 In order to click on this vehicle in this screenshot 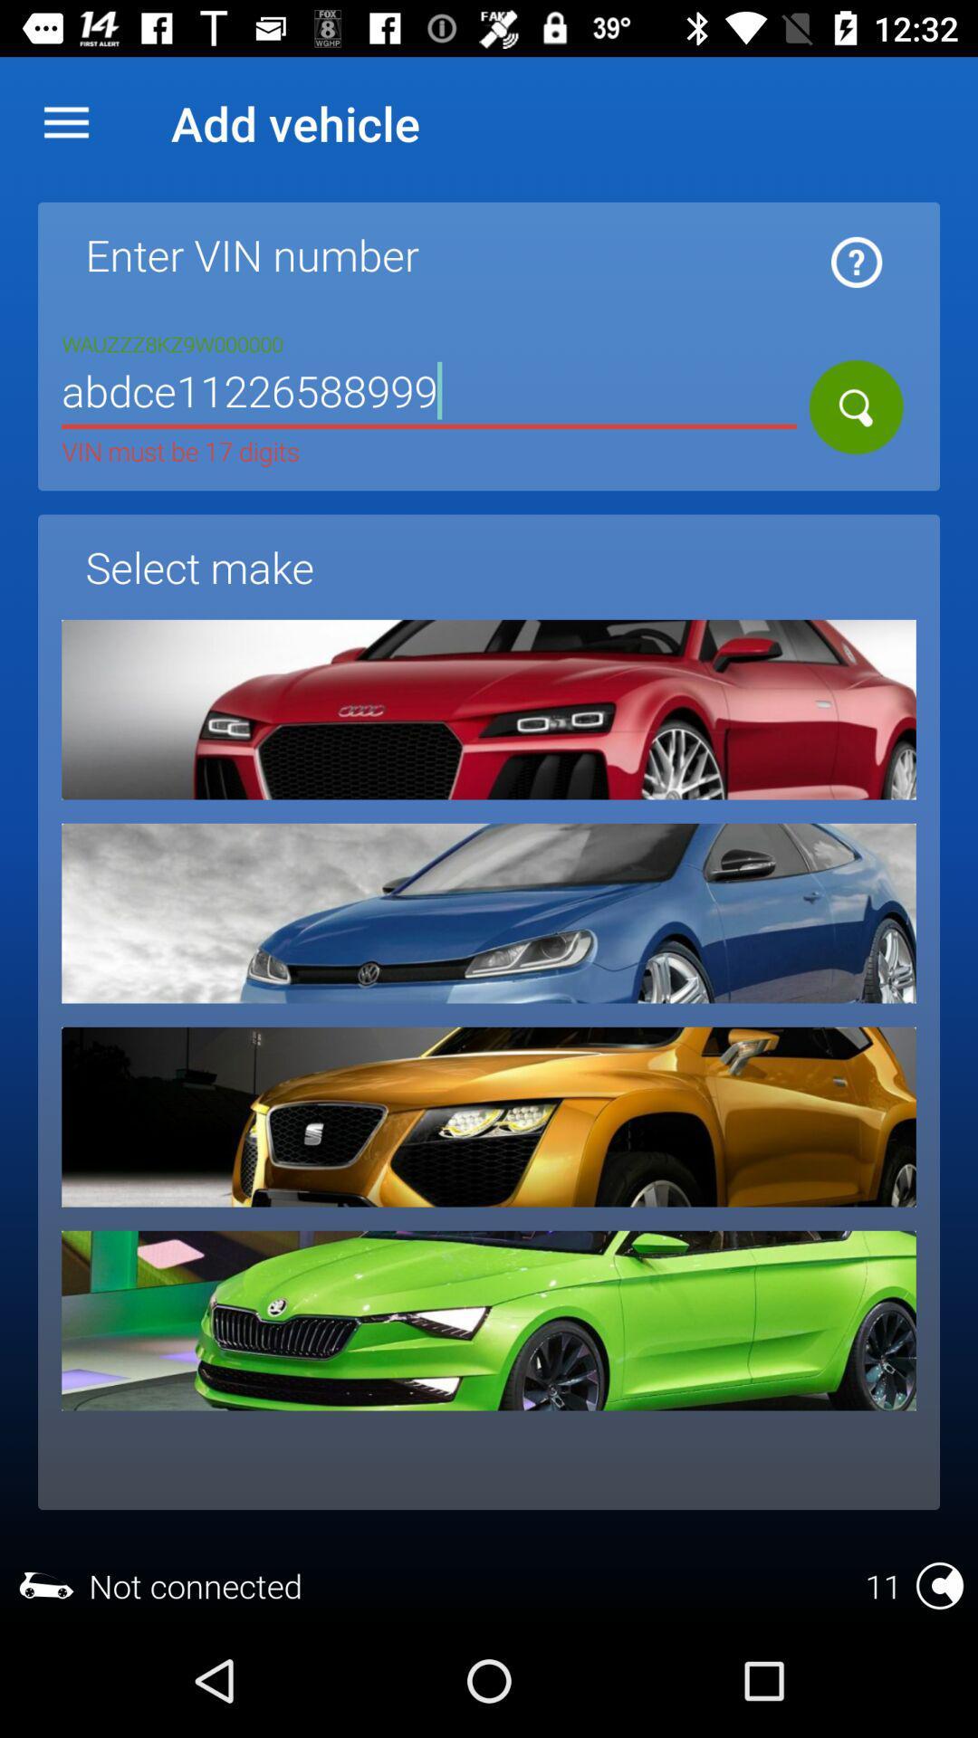, I will do `click(489, 1321)`.